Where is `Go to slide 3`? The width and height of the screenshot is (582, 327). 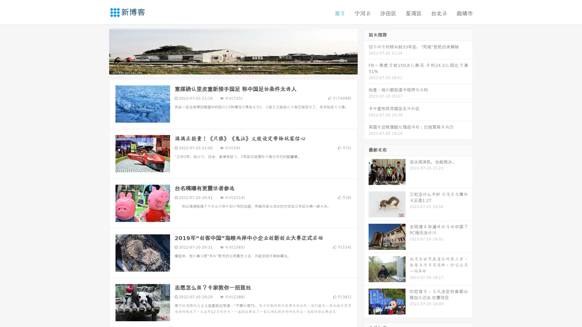
Go to slide 3 is located at coordinates (239, 68).